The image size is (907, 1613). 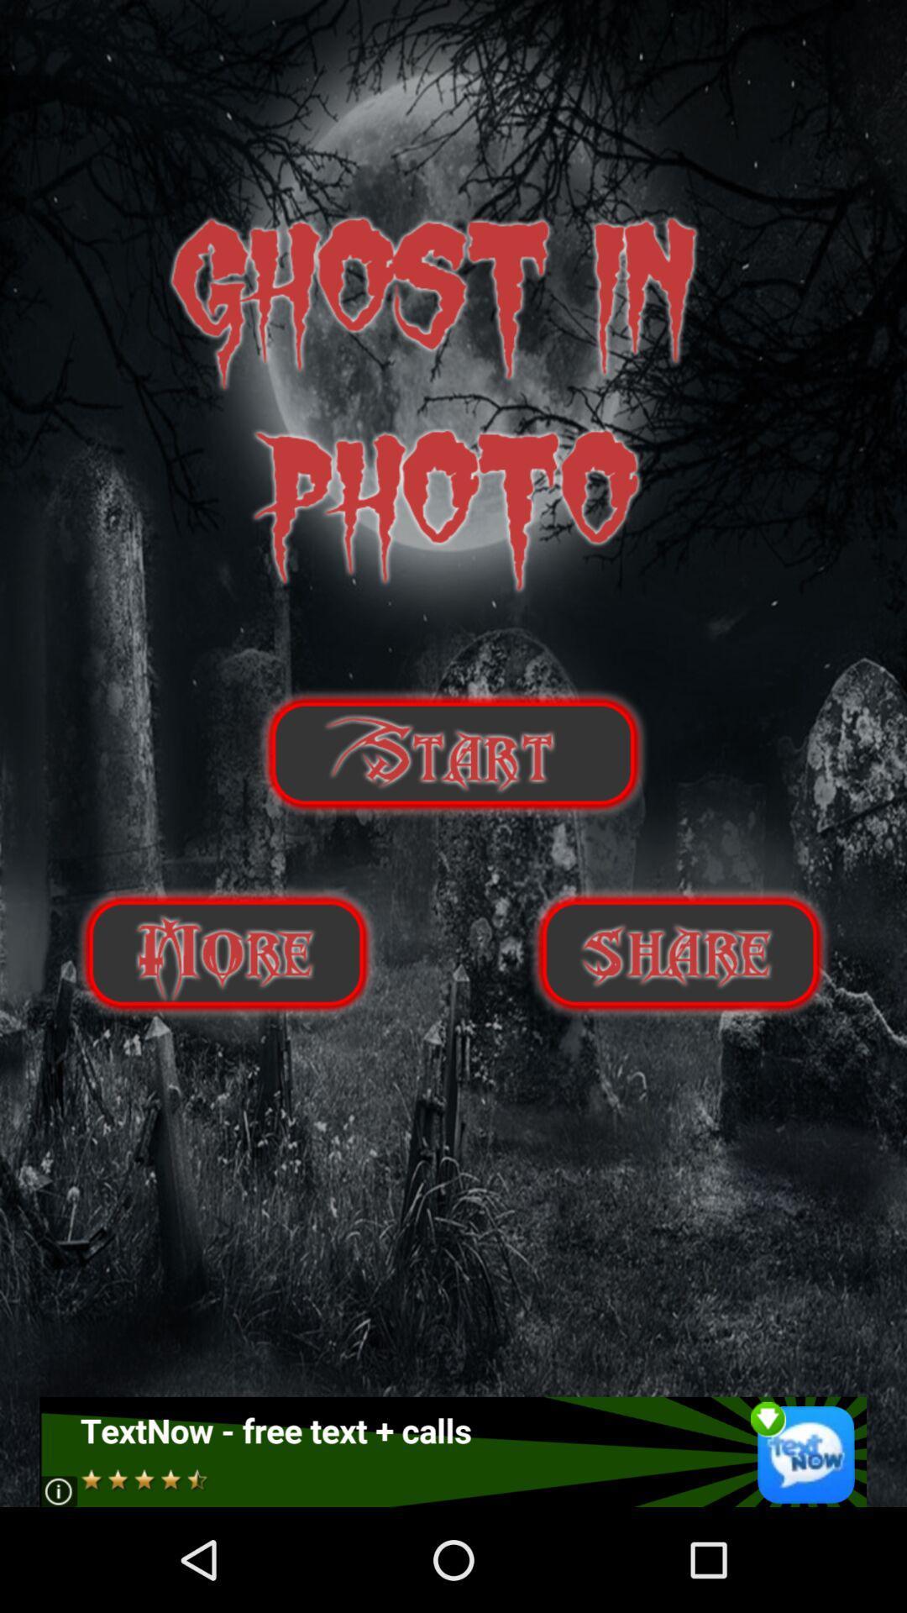 What do you see at coordinates (225, 953) in the screenshot?
I see `score botton` at bounding box center [225, 953].